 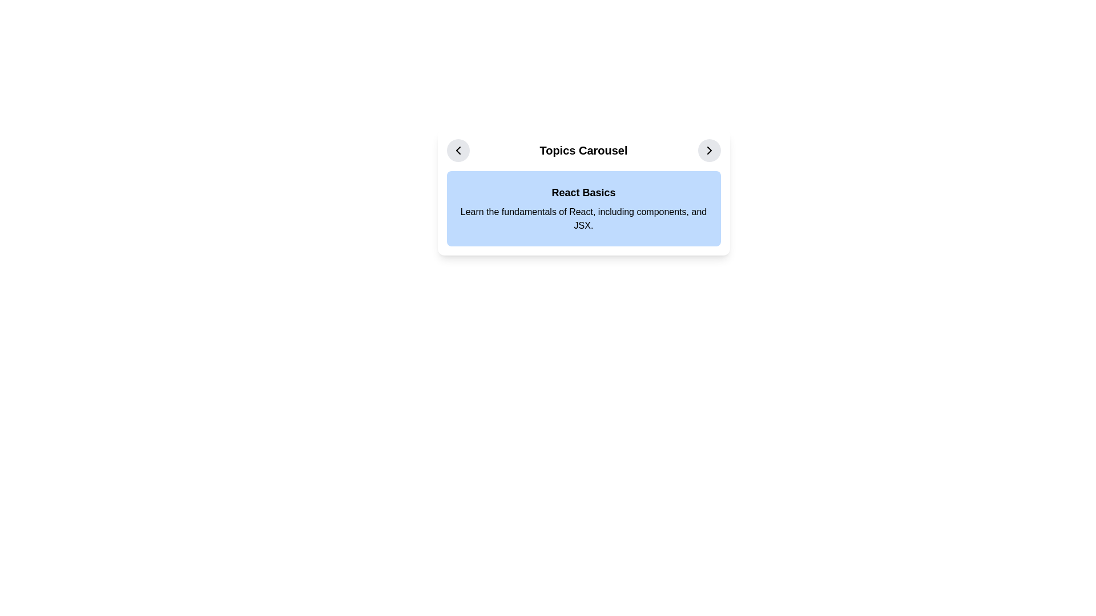 I want to click on the navigation icon within the circular button located in the top-right corner of the 'React Basics' card, so click(x=708, y=149).